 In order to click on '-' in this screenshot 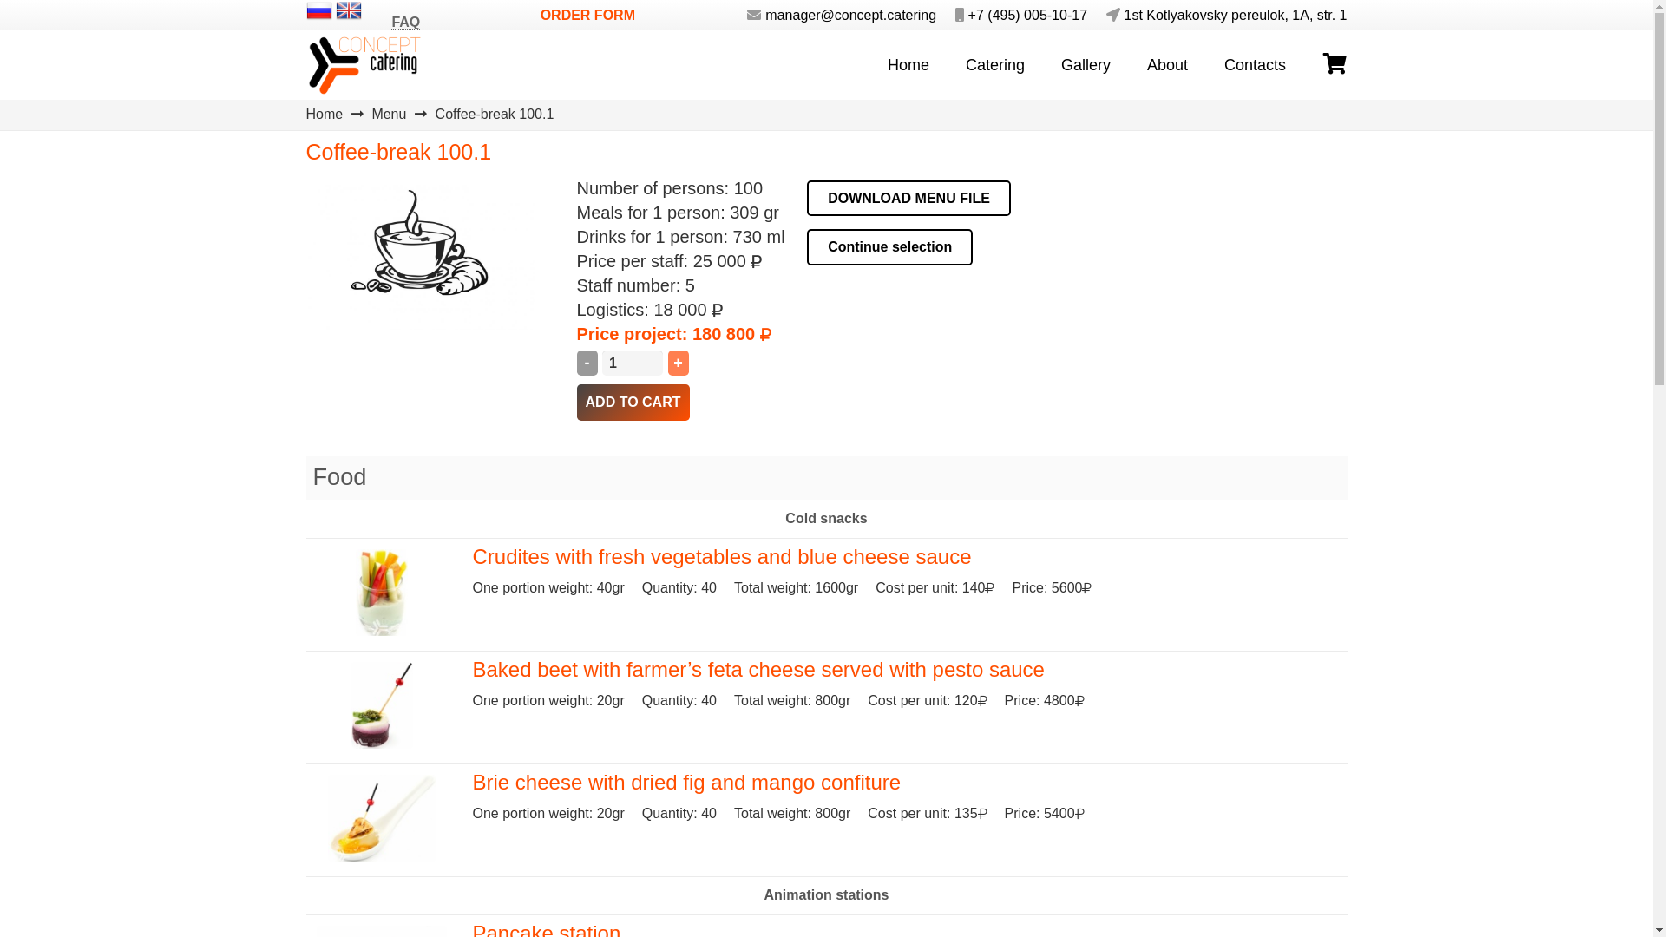, I will do `click(587, 362)`.